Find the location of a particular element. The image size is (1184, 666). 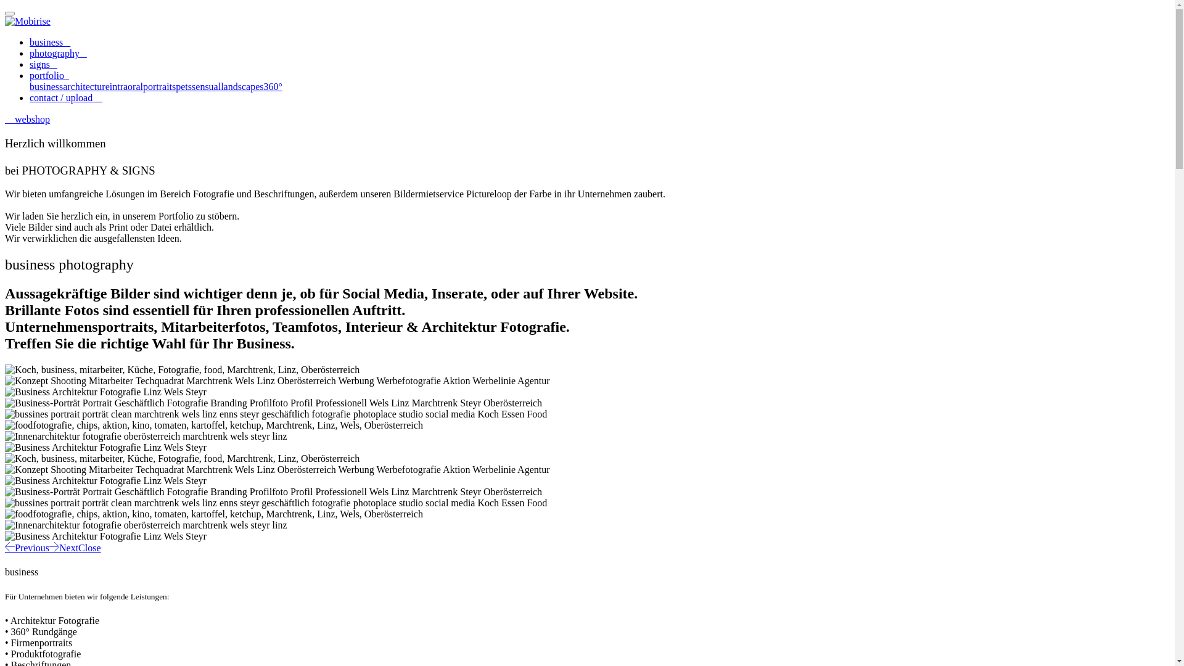

'signs   ' is located at coordinates (43, 64).